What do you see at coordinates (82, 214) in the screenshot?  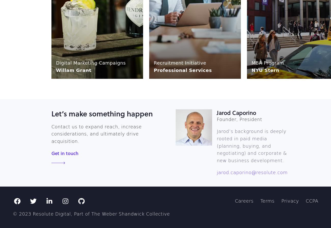 I see `'Part of'` at bounding box center [82, 214].